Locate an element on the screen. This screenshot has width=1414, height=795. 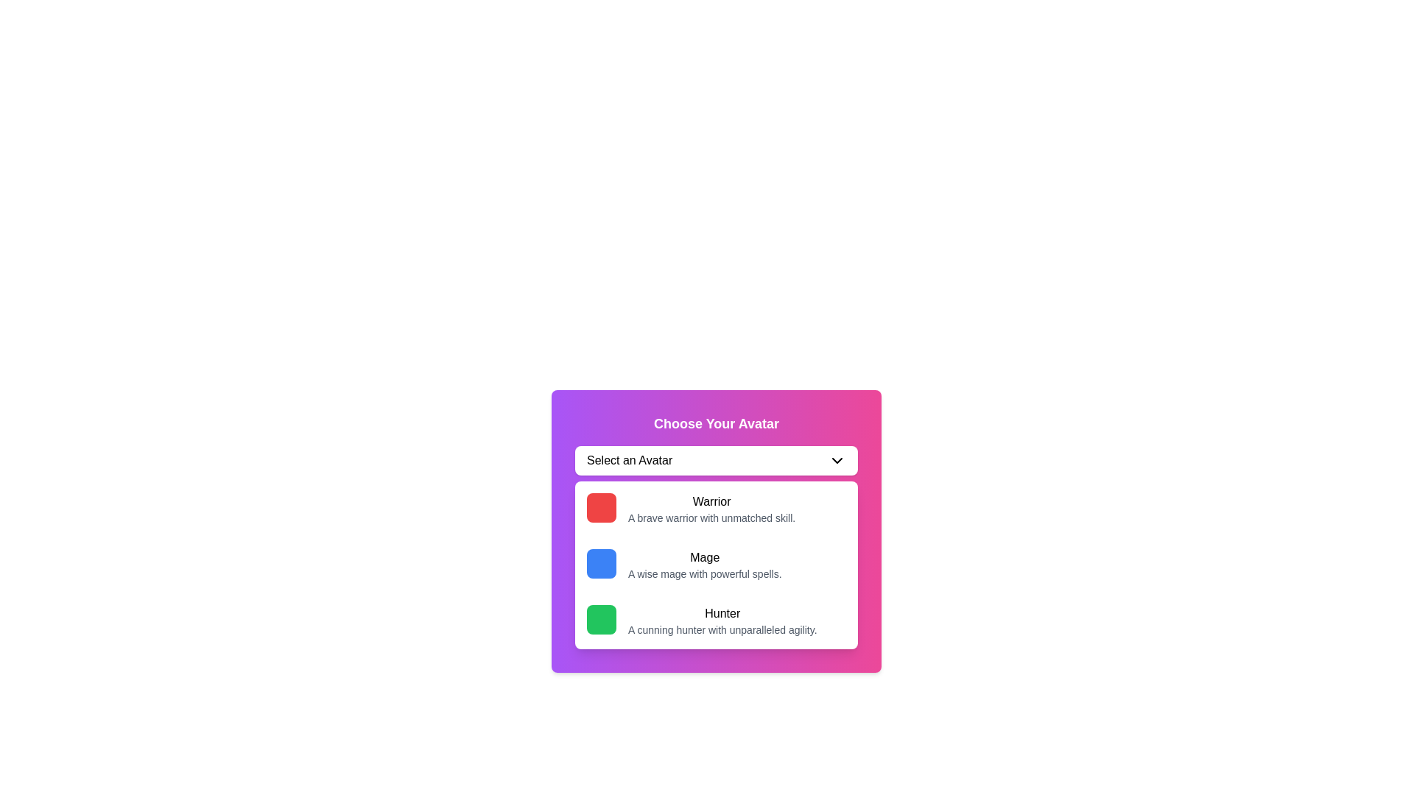
bold text label 'Warrior' to identify the purpose of the avatar selection card in the 'Choose Your Avatar' interface is located at coordinates (711, 501).